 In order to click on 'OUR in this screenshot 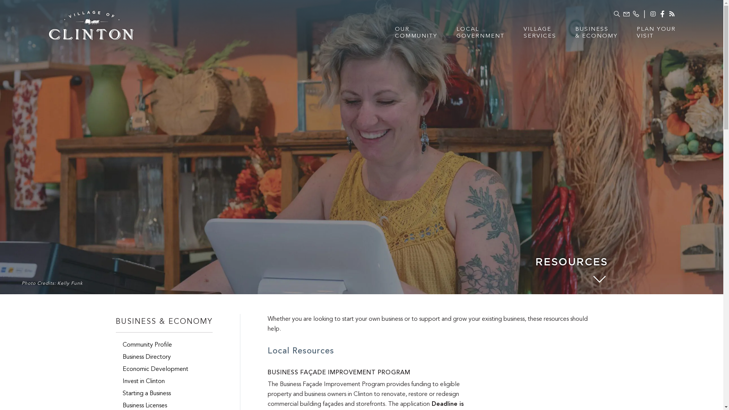, I will do `click(415, 37)`.